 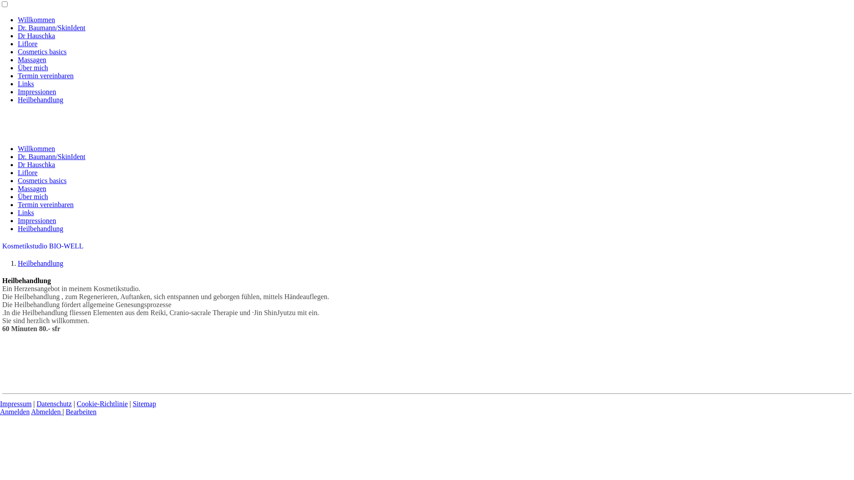 I want to click on 'Bearbeiten', so click(x=81, y=412).